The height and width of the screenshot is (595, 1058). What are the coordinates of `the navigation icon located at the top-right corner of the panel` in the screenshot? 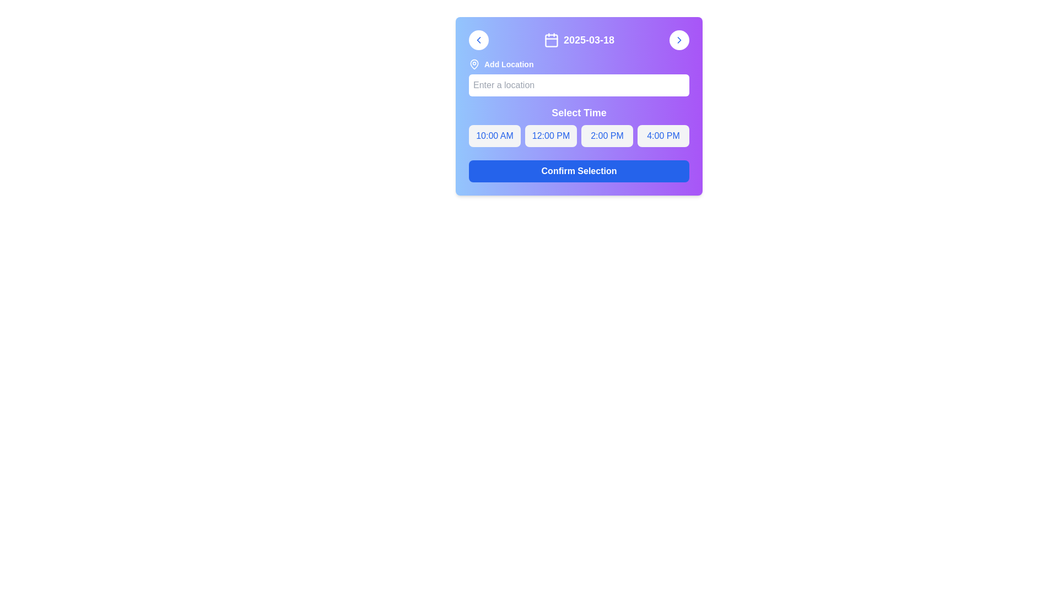 It's located at (679, 40).